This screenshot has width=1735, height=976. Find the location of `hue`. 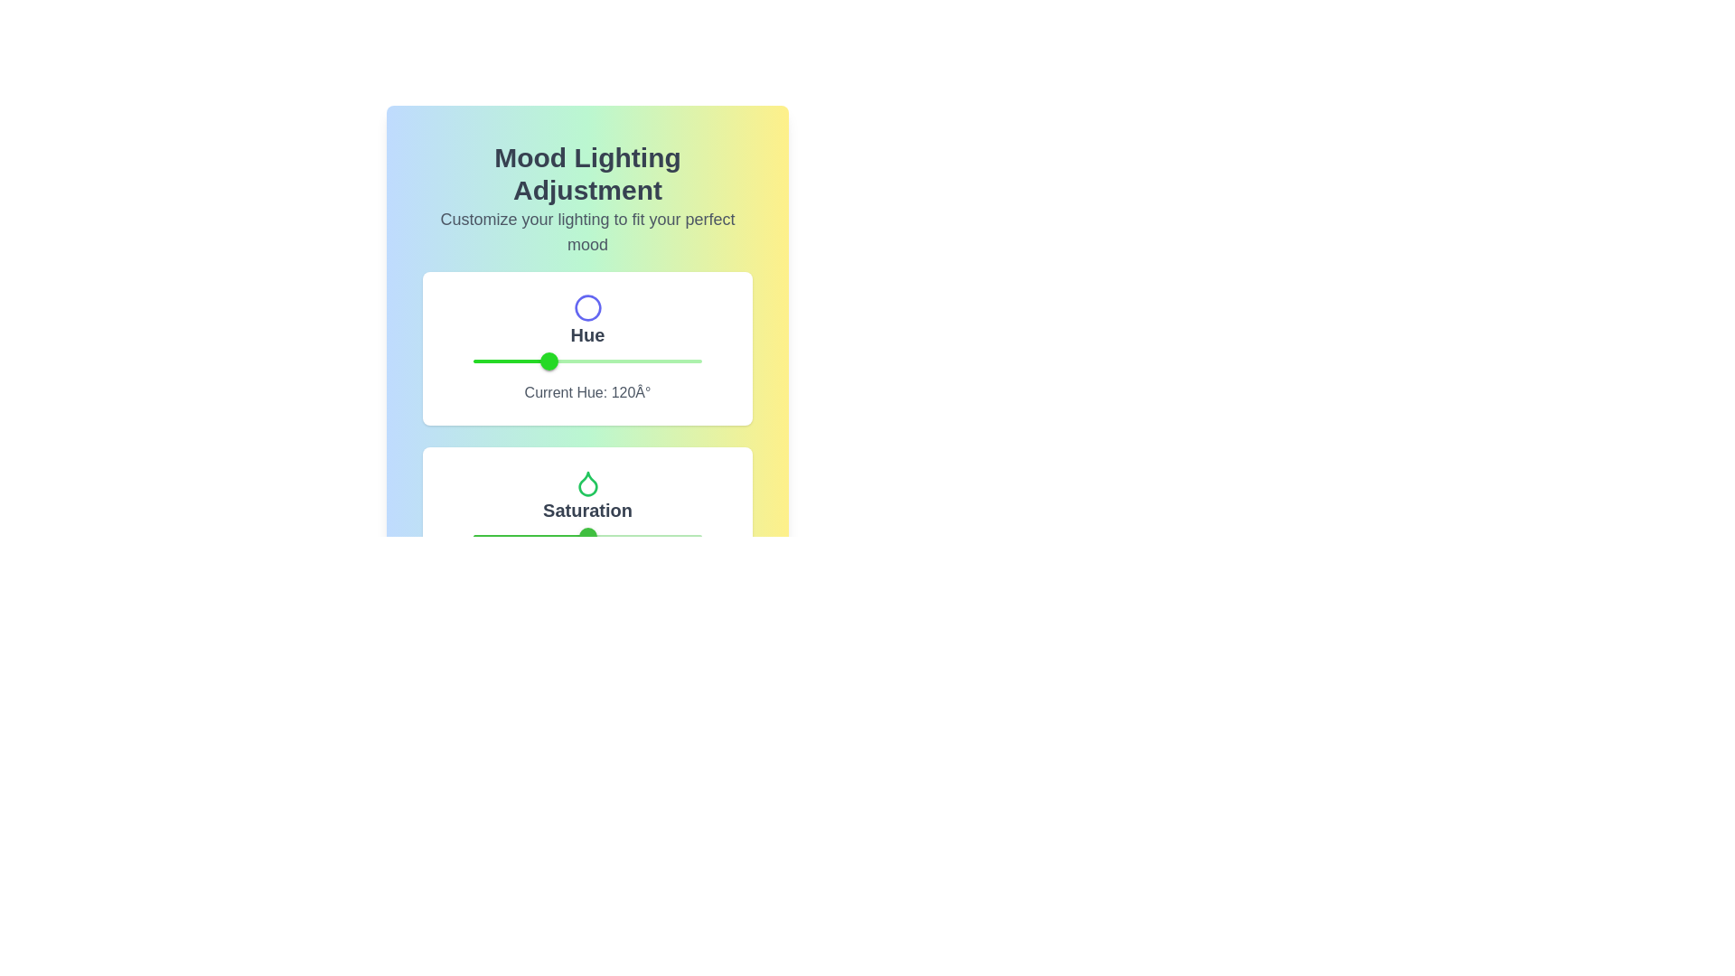

hue is located at coordinates (549, 361).